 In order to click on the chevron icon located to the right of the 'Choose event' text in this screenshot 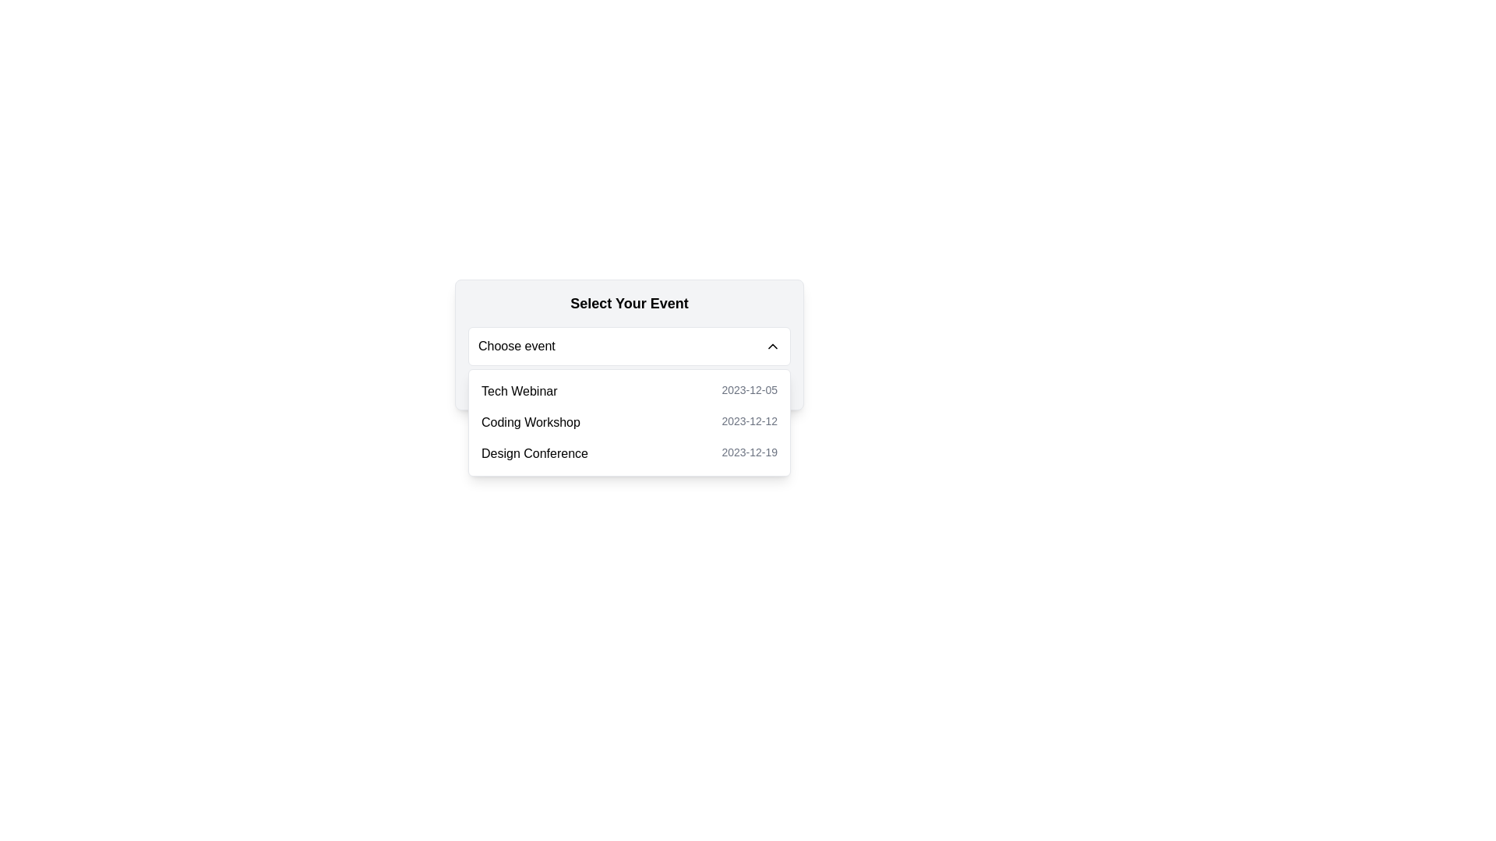, I will do `click(773, 345)`.